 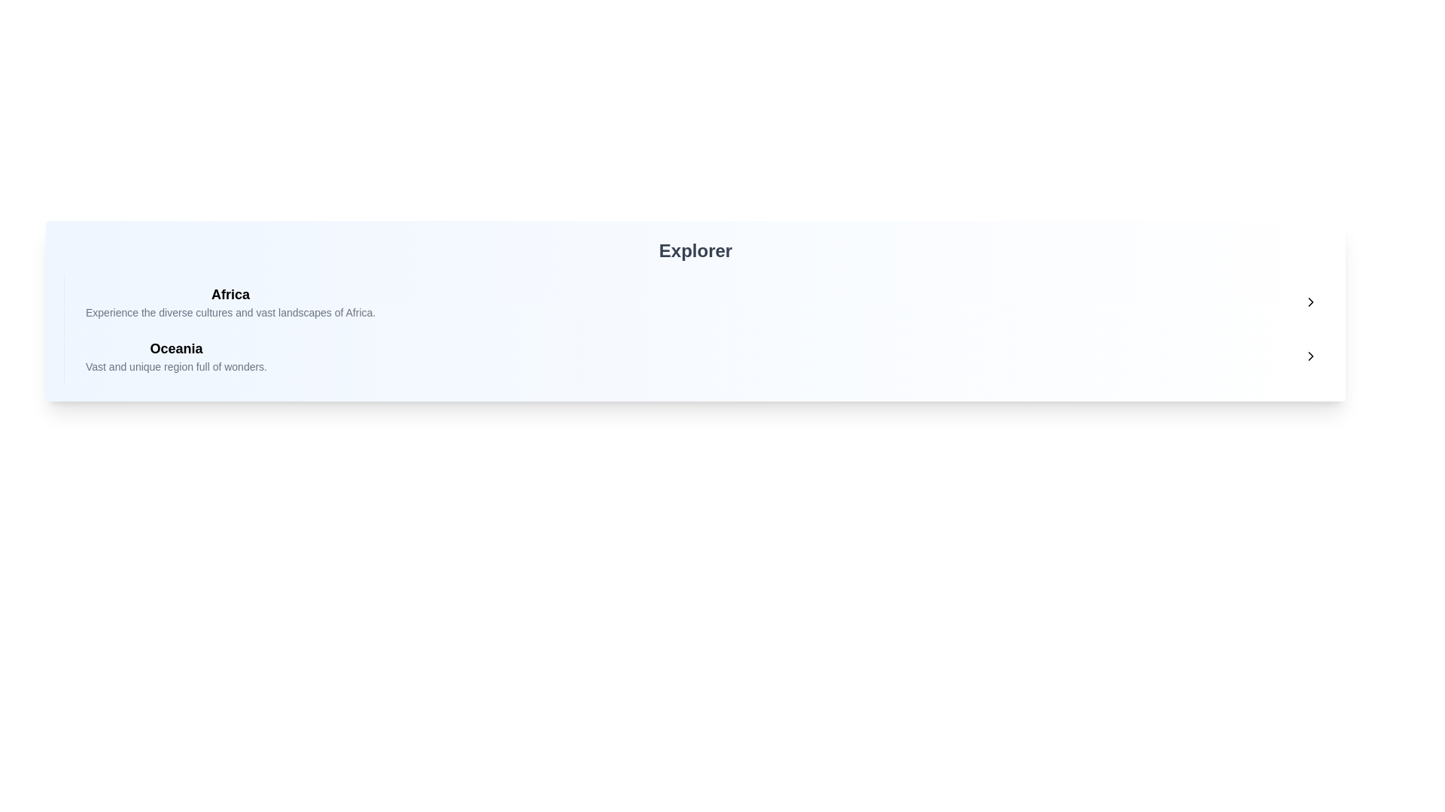 I want to click on the icon at the extreme right end of the 'Oceania' section for visual feedback, so click(x=1310, y=356).